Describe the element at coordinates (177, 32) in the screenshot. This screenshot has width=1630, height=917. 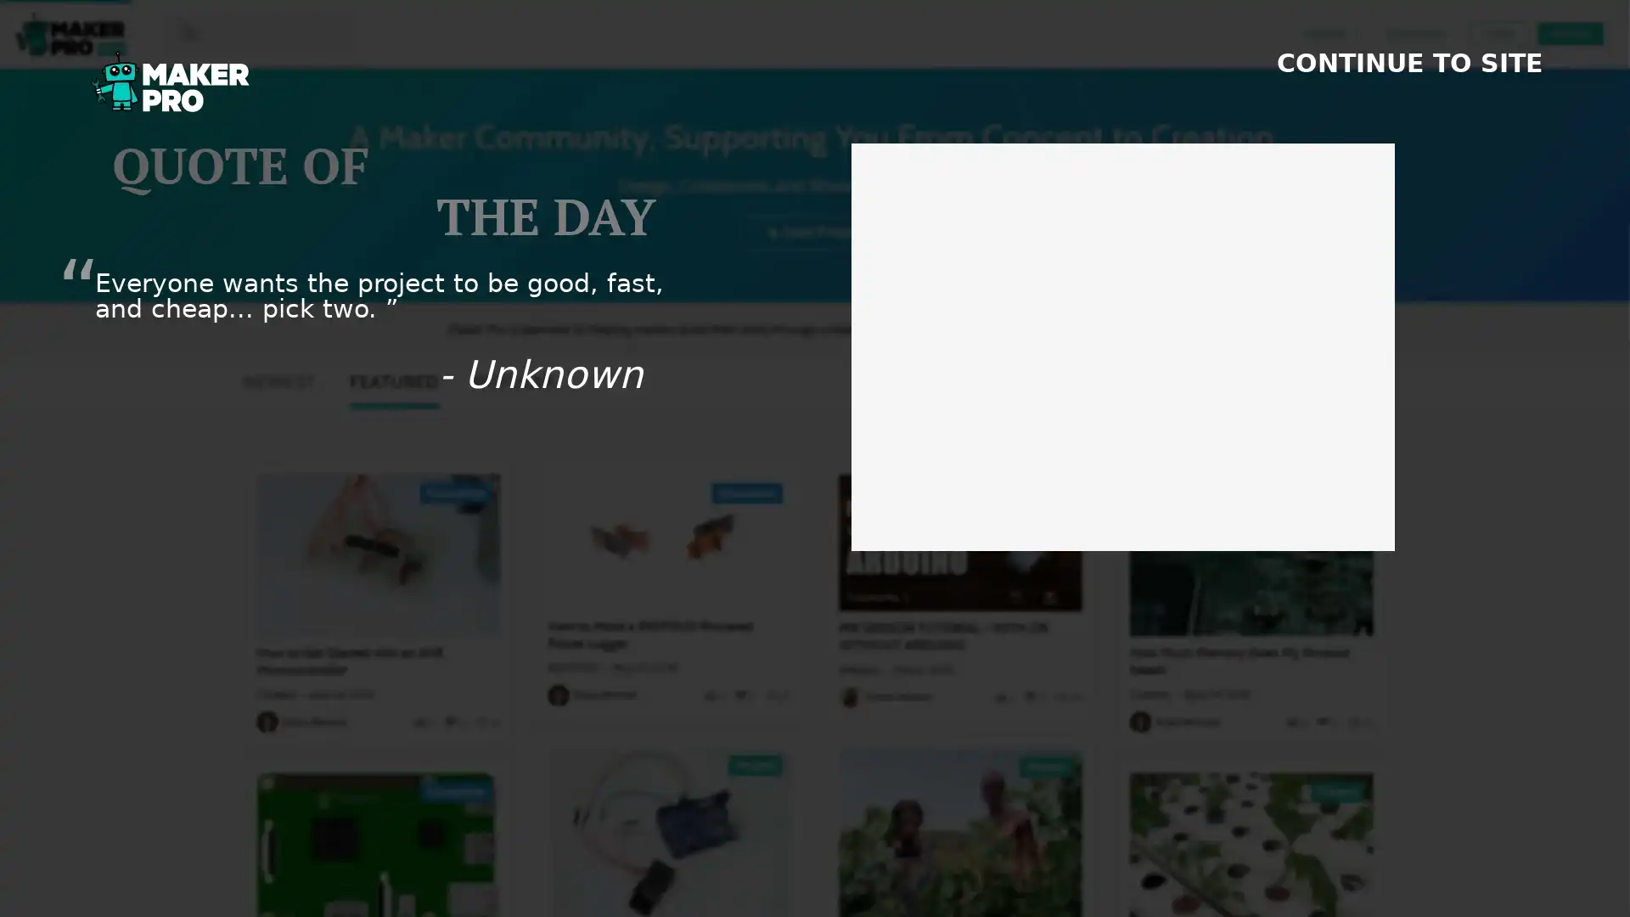
I see `search` at that location.